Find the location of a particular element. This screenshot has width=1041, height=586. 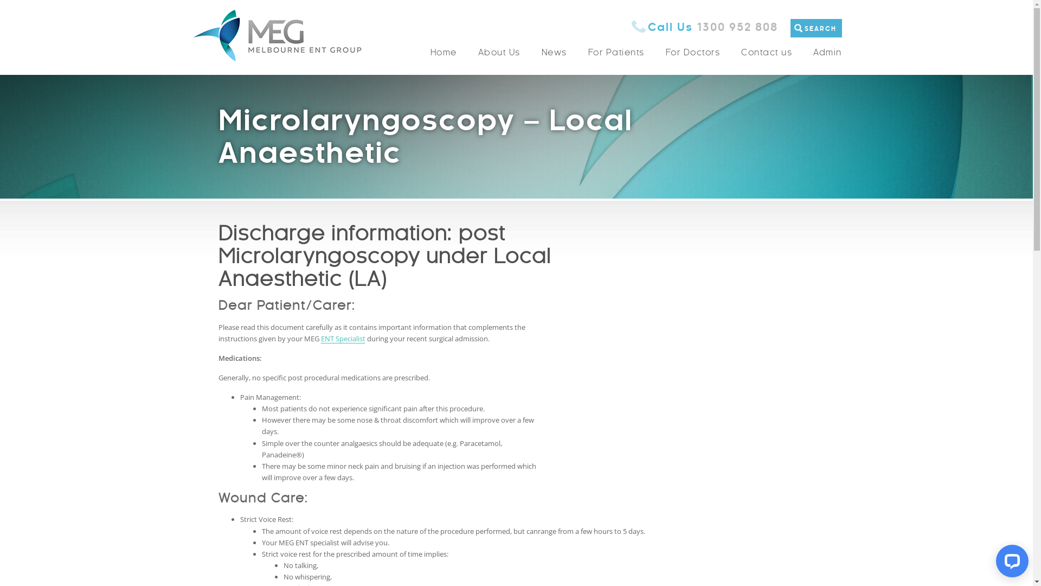

'ENT Specialist' is located at coordinates (343, 338).